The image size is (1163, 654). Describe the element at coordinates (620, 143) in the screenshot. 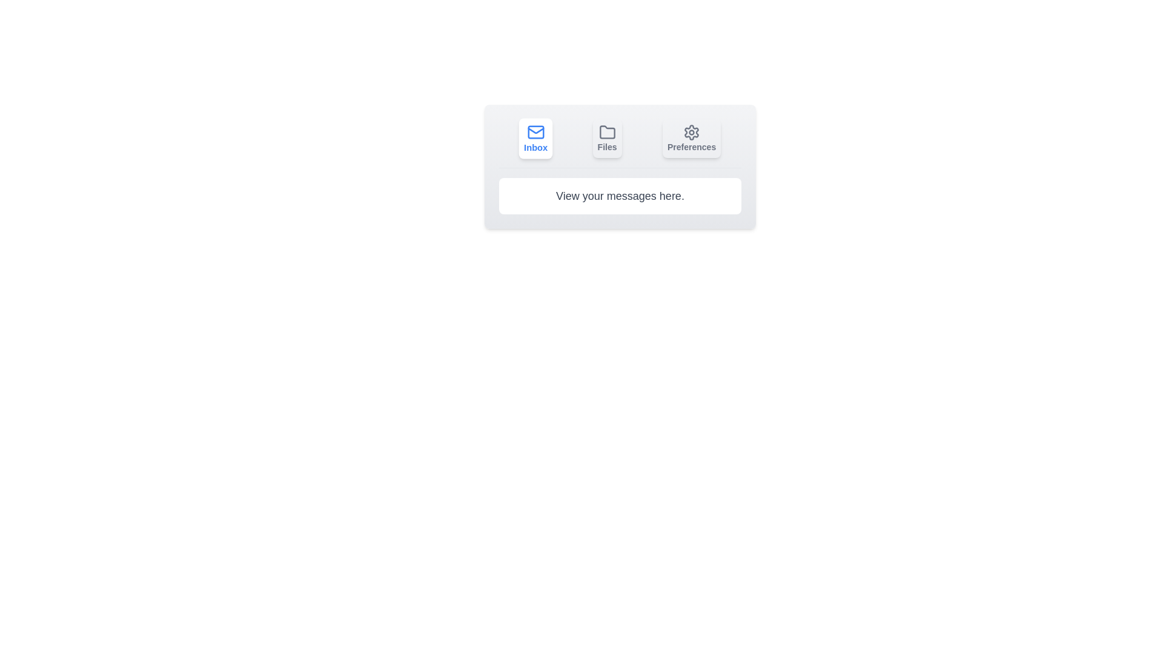

I see `the 'Files' button in the navigation bar` at that location.